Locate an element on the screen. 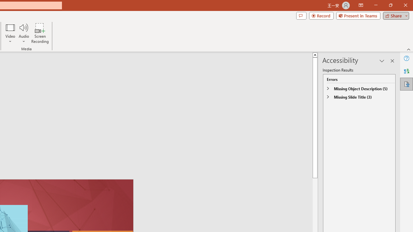  'Video' is located at coordinates (10, 33).